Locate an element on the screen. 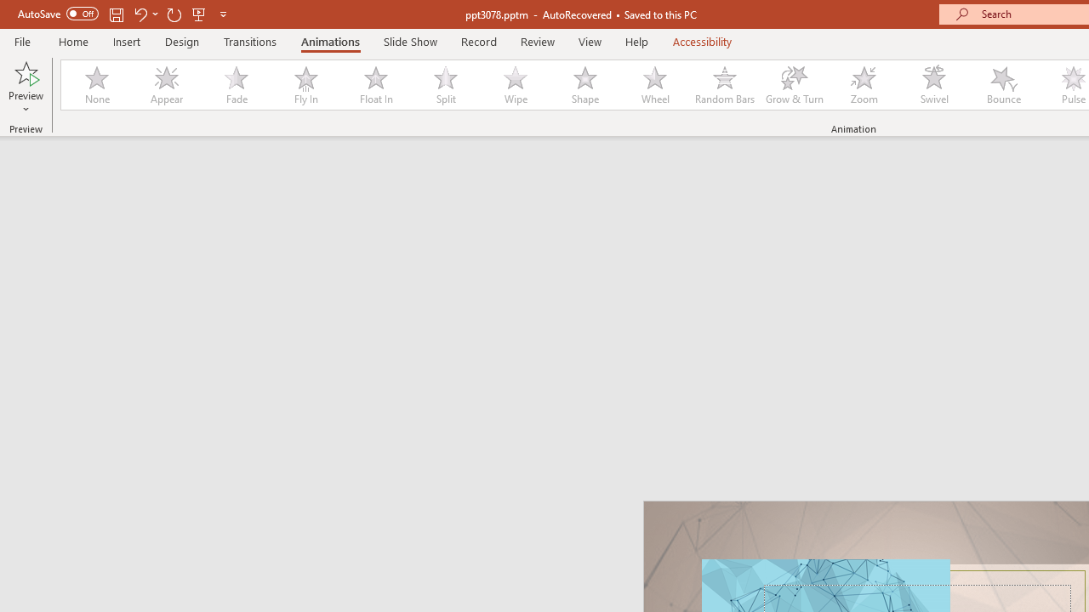 The image size is (1089, 612). 'Float In' is located at coordinates (374, 85).